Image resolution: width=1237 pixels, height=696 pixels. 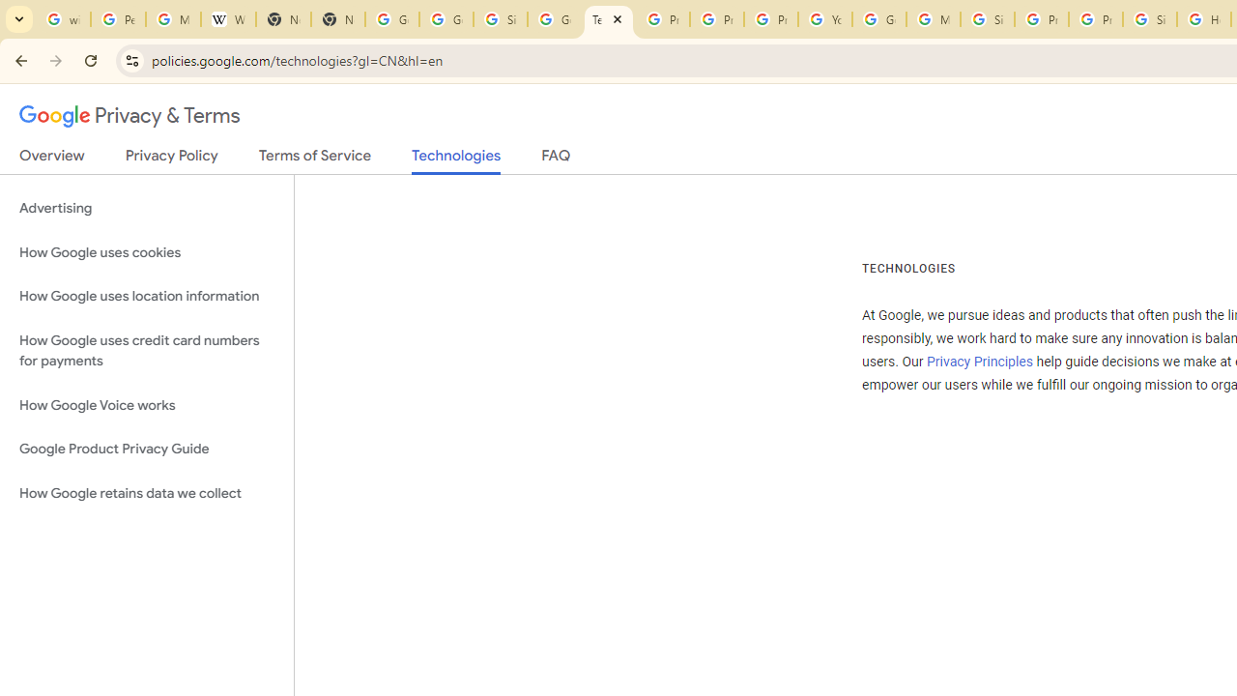 What do you see at coordinates (146, 251) in the screenshot?
I see `'How Google uses cookies'` at bounding box center [146, 251].